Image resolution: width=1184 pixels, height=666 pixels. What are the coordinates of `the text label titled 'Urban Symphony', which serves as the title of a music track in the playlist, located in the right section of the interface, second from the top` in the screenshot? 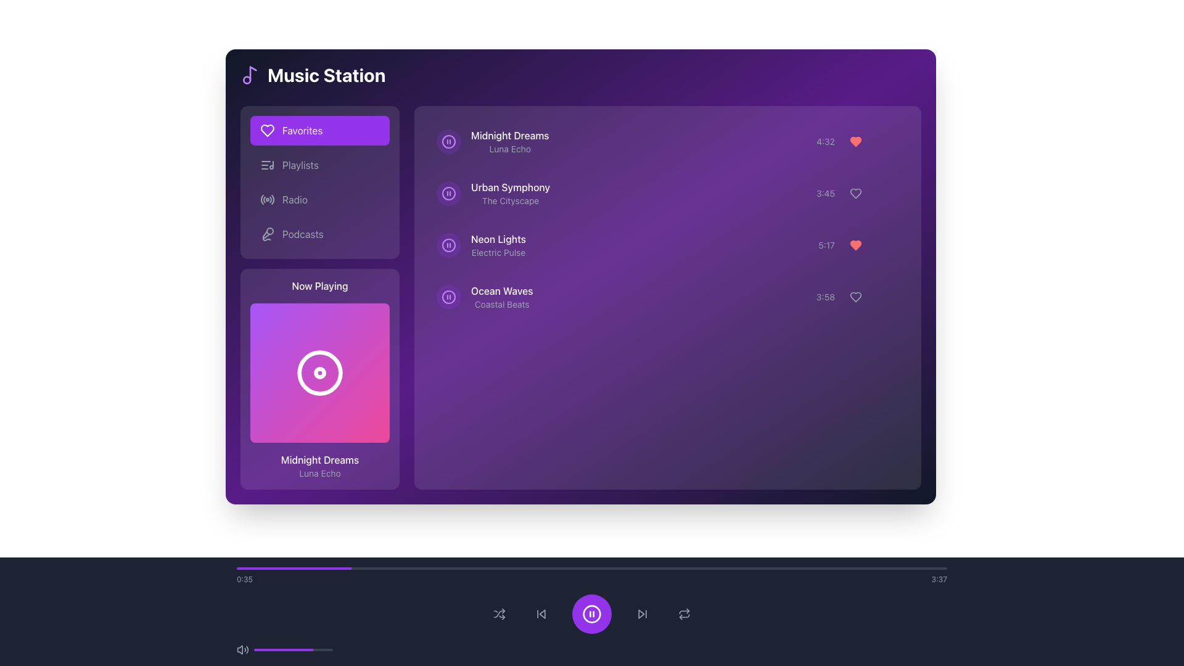 It's located at (511, 187).